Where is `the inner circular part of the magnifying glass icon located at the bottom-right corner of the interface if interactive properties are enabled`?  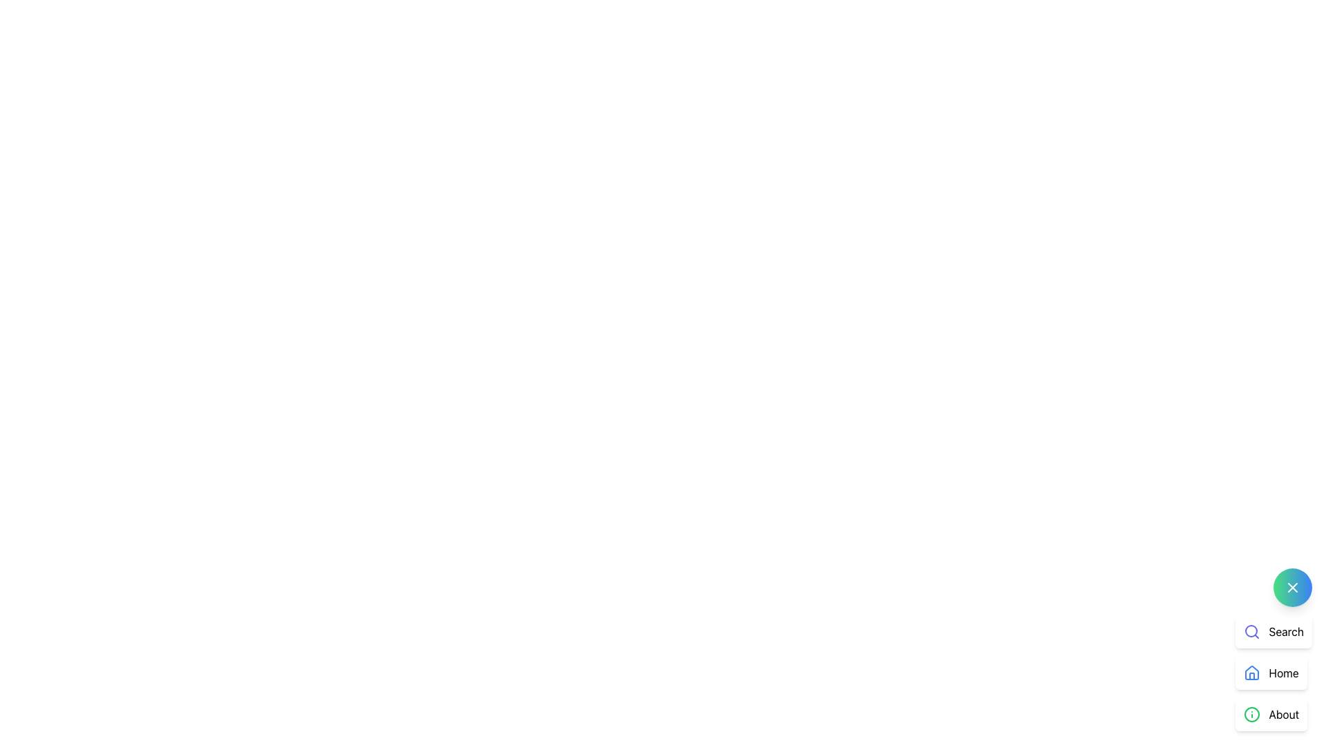 the inner circular part of the magnifying glass icon located at the bottom-right corner of the interface if interactive properties are enabled is located at coordinates (1251, 630).